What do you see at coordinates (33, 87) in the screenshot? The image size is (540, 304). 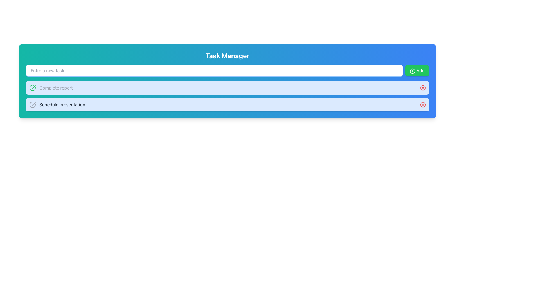 I see `the completion status icon located to the left of the 'Schedule presentation' task text` at bounding box center [33, 87].